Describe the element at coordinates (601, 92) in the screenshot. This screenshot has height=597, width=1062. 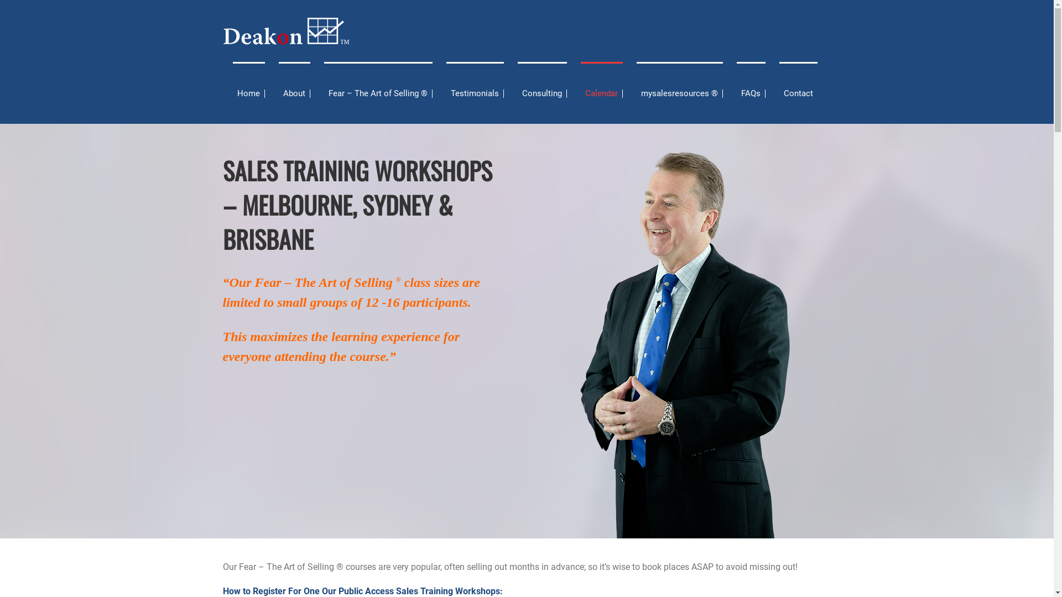
I see `'Calendar'` at that location.